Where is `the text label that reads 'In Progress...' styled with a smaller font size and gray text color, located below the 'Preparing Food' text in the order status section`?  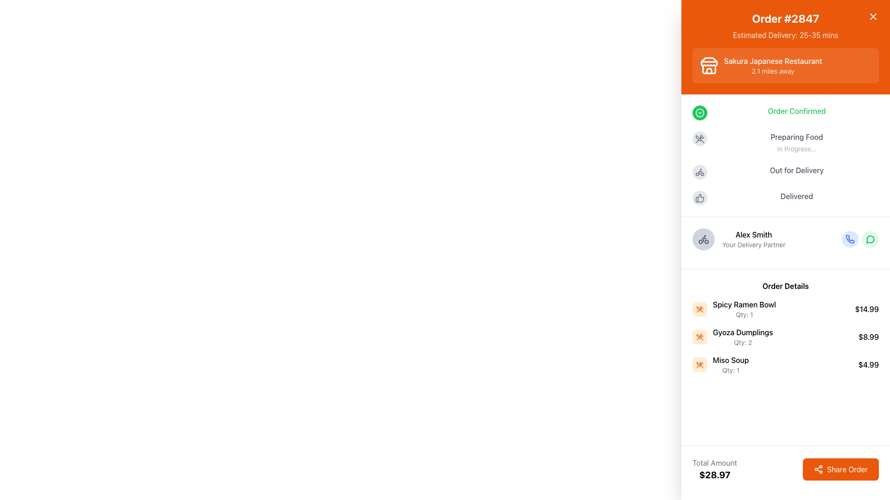 the text label that reads 'In Progress...' styled with a smaller font size and gray text color, located below the 'Preparing Food' text in the order status section is located at coordinates (796, 148).